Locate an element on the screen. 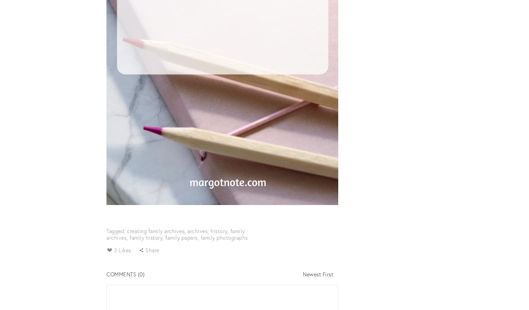  'Tagged:' is located at coordinates (116, 230).